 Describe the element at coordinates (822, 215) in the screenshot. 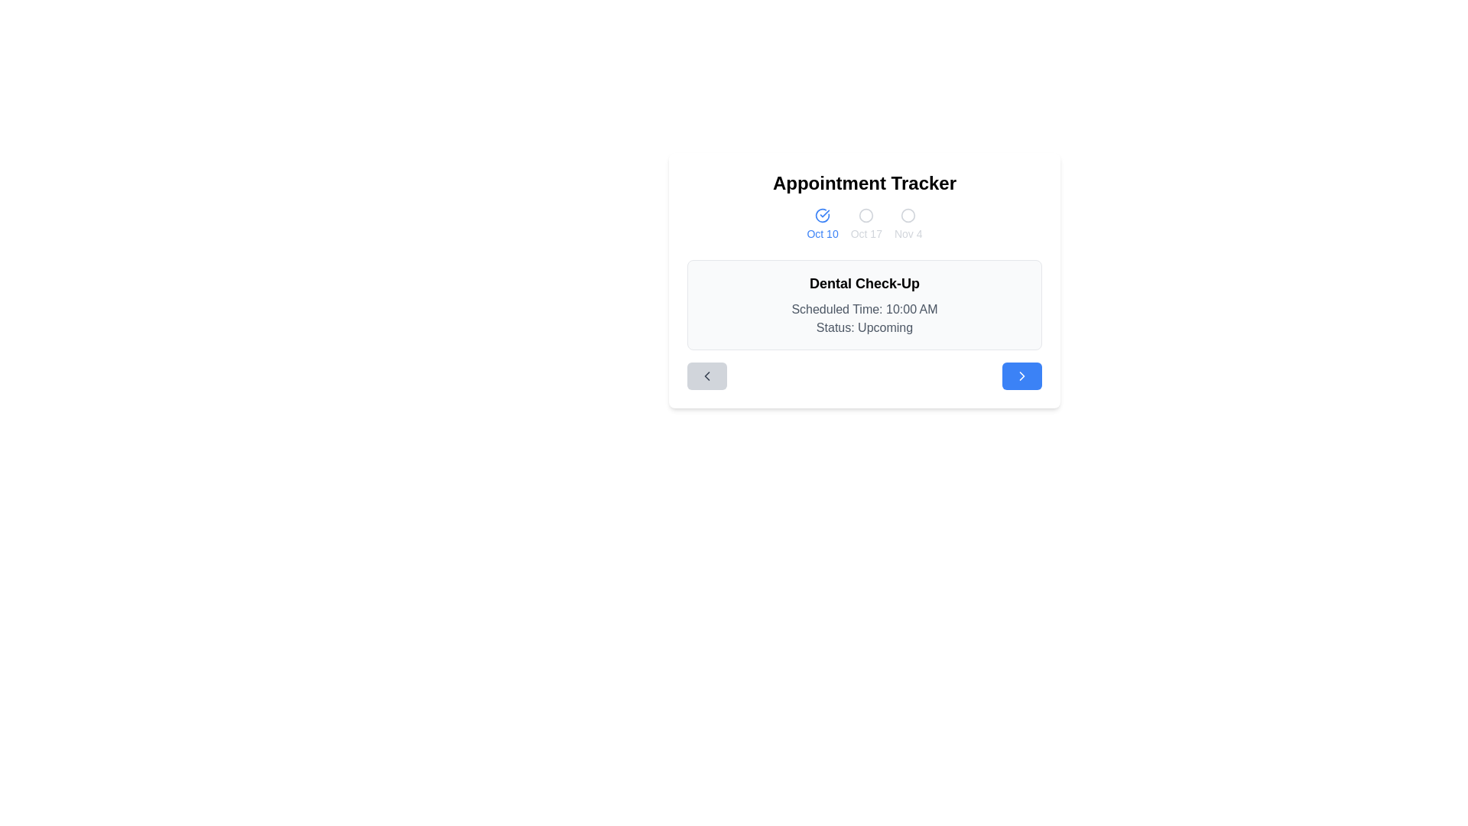

I see `the selection indicated by the circular blue check icon located above the 'Oct 10' text in the interface` at that location.